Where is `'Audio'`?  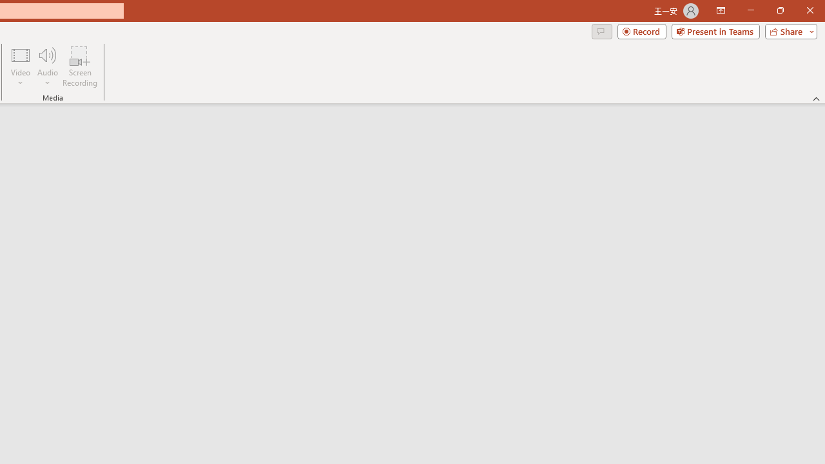 'Audio' is located at coordinates (47, 66).